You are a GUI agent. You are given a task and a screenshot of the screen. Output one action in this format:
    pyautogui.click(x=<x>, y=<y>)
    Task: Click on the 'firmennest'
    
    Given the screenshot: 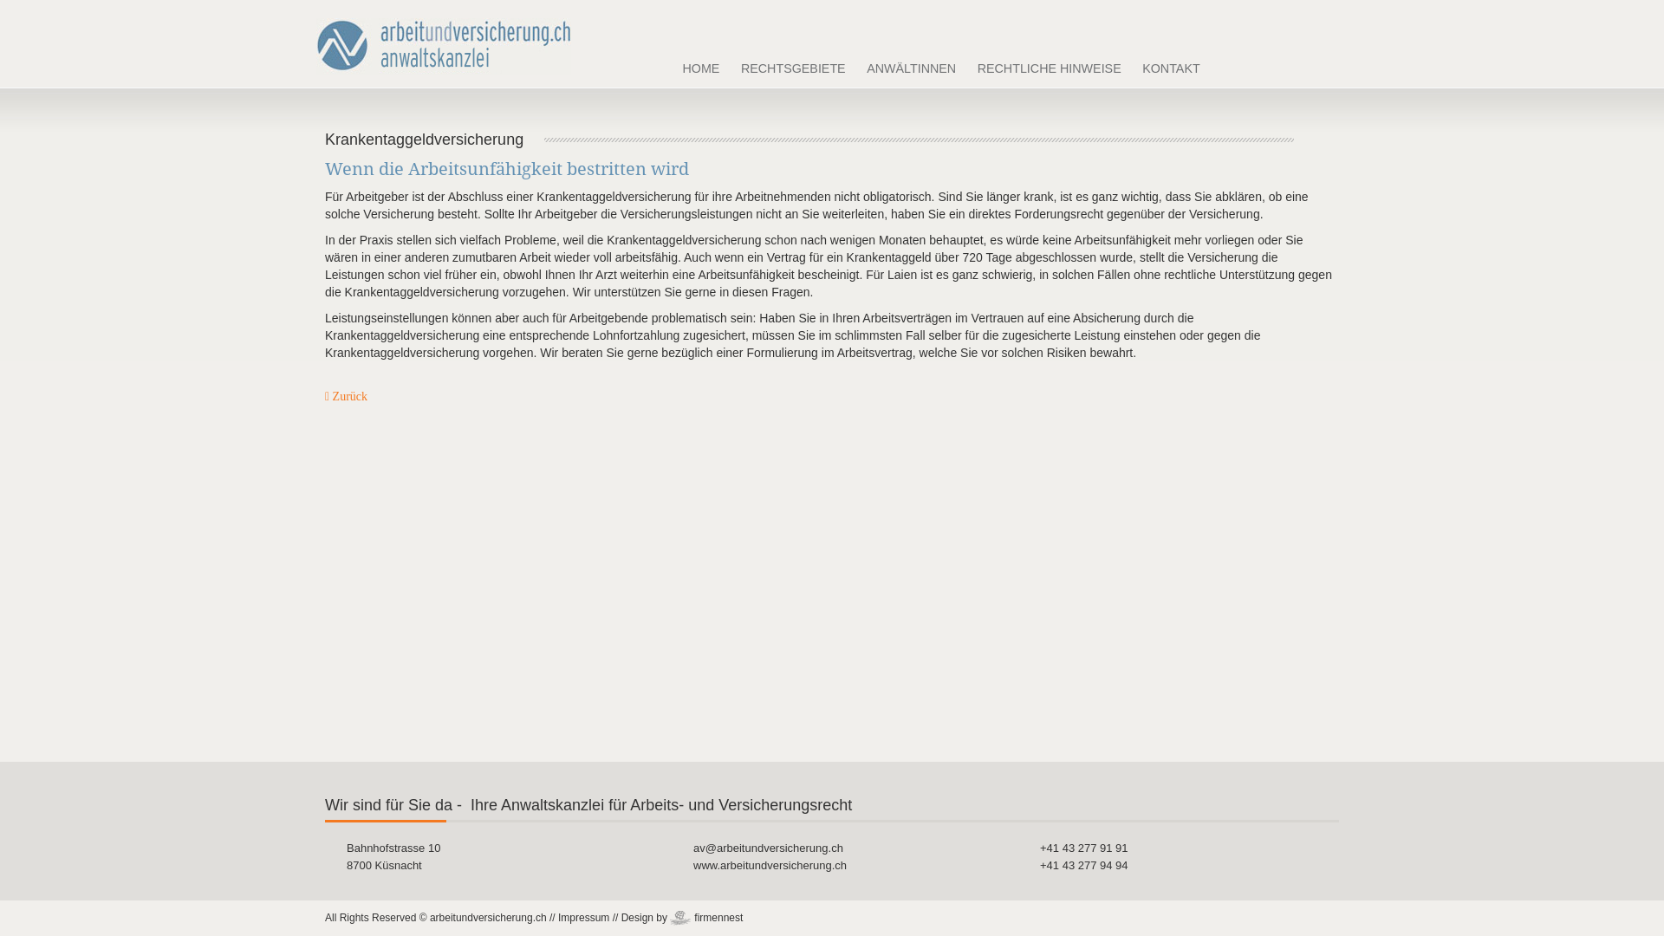 What is the action you would take?
    pyautogui.click(x=706, y=917)
    